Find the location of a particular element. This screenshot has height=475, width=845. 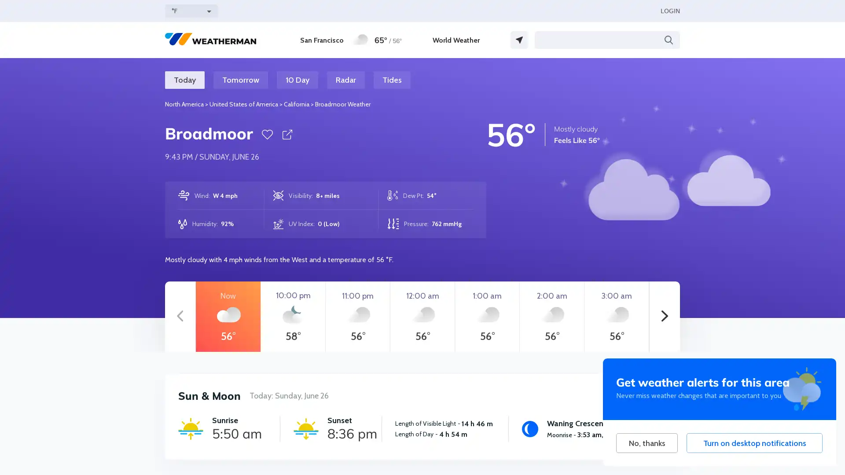

GPS Location is located at coordinates (519, 40).